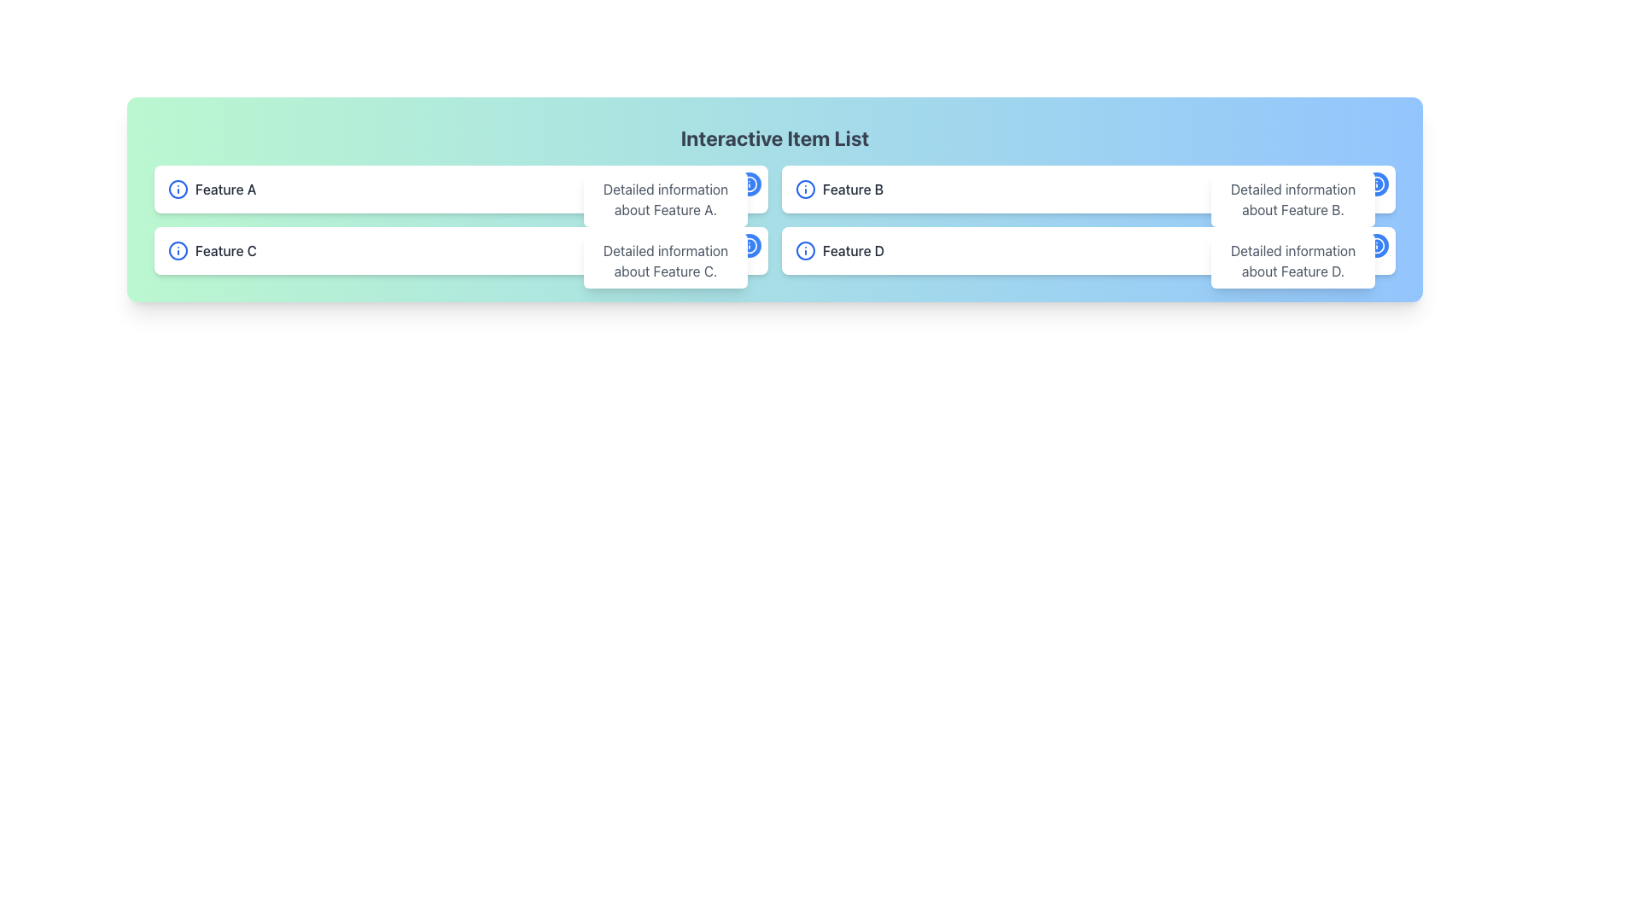 The height and width of the screenshot is (922, 1639). What do you see at coordinates (1376, 246) in the screenshot?
I see `the circular blue information icon with a white interior containing an 'info' symbol, located at the bottom-right of the list item labeled 'Feature D'` at bounding box center [1376, 246].